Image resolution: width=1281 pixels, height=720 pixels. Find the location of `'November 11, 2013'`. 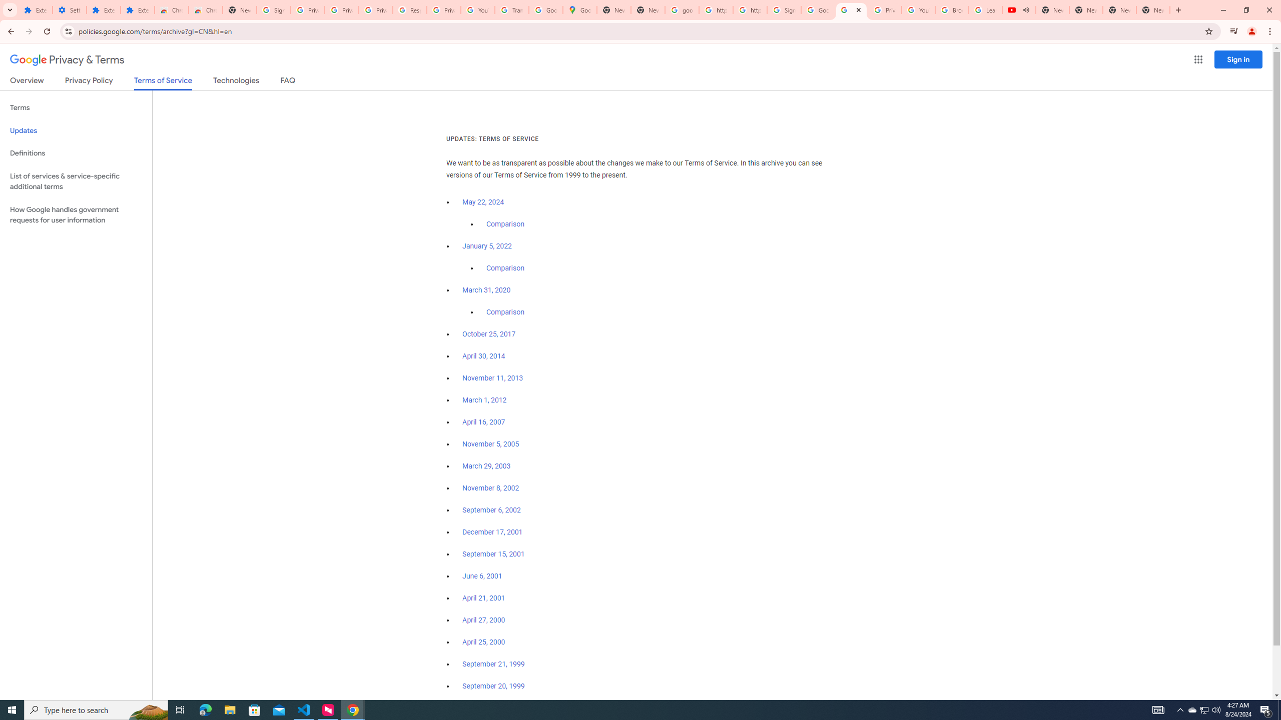

'November 11, 2013' is located at coordinates (493, 377).